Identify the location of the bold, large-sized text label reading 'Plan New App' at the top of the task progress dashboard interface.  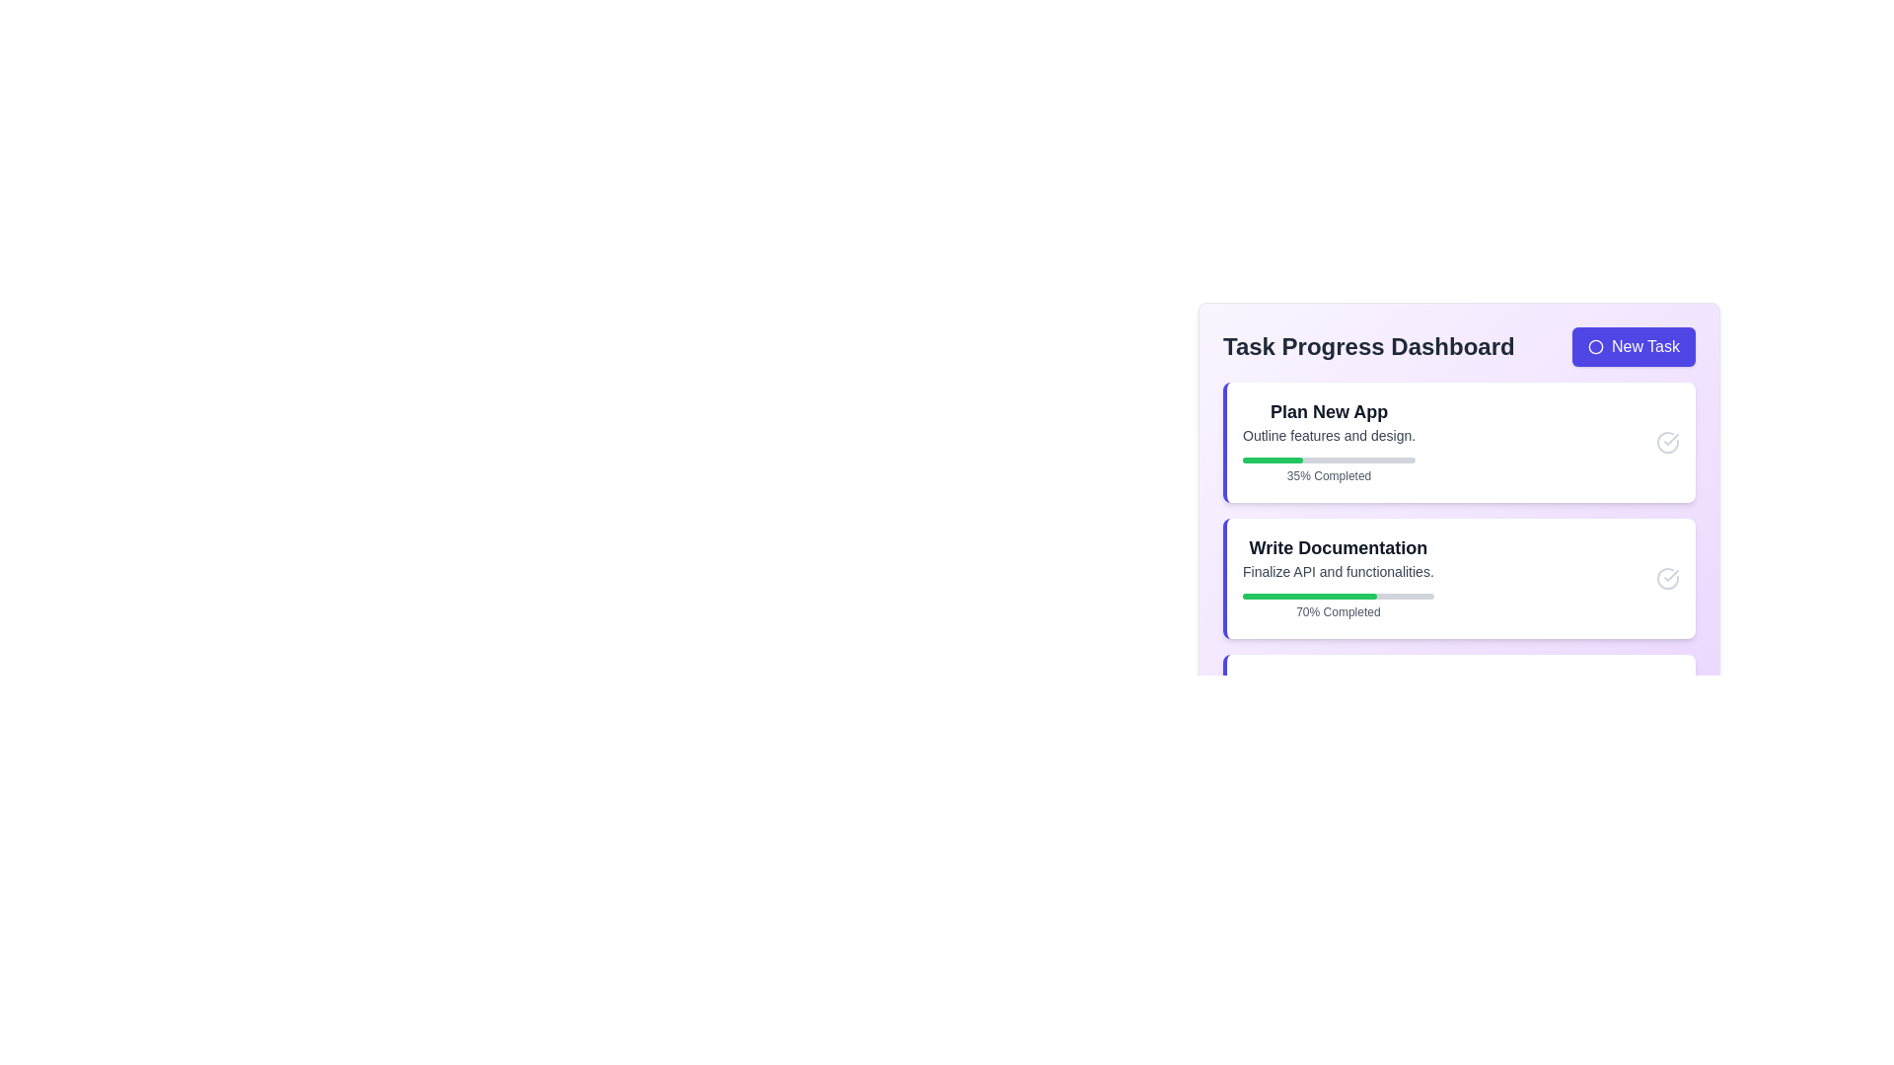
(1329, 410).